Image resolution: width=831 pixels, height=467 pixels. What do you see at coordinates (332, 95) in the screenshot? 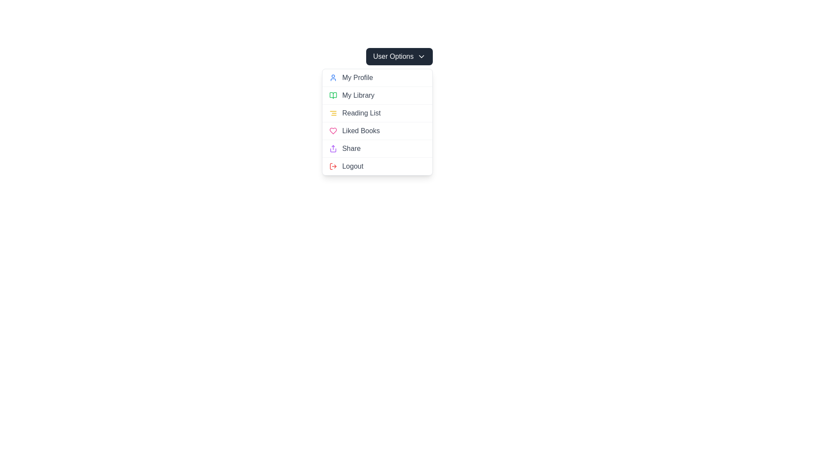
I see `the small open book icon with a green outline that is part of the 'My Library' list entry, located near the top left of the dropdown menu under 'User Options'` at bounding box center [332, 95].